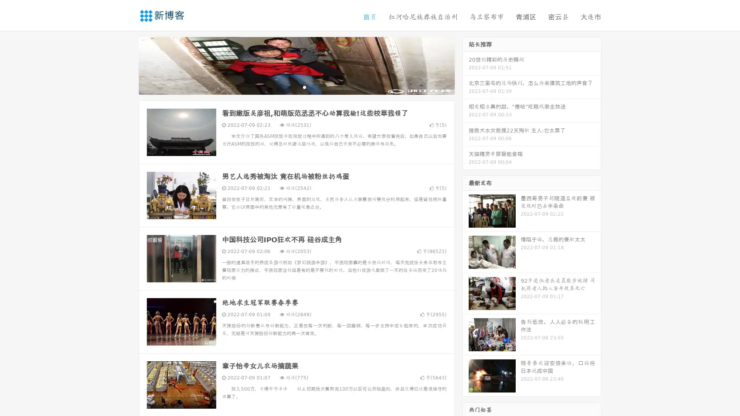 This screenshot has width=740, height=416. What do you see at coordinates (127, 65) in the screenshot?
I see `Previous slide` at bounding box center [127, 65].